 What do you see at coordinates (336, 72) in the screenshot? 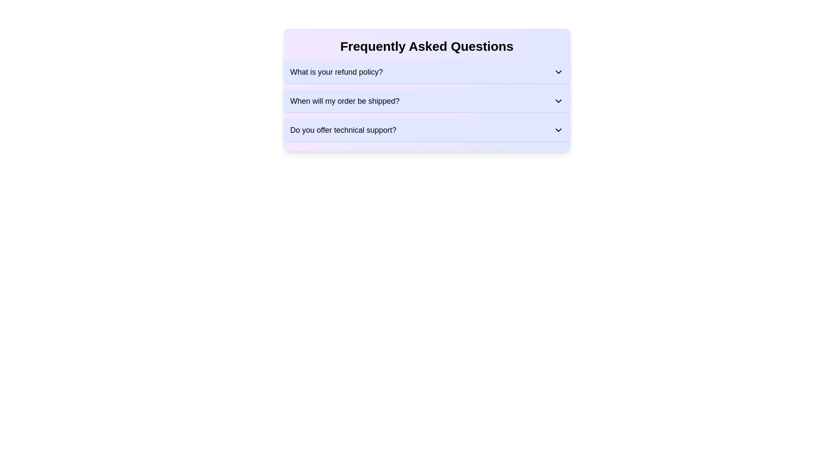
I see `the text label displaying 'What is your refund policy?' which is styled with a larger font size and medium weight, located in the 'Frequently Asked Questions' section` at bounding box center [336, 72].